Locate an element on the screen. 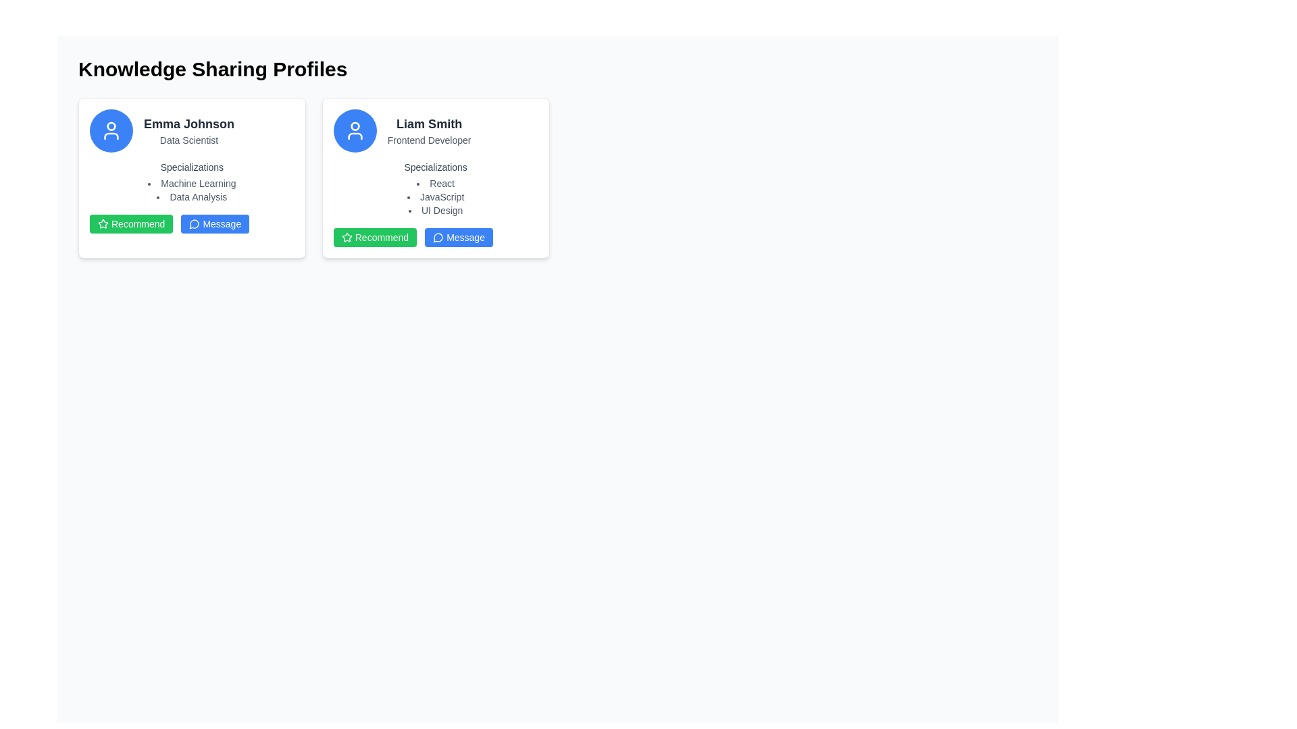 The image size is (1297, 729). the user profile icon for 'Liam Smith', which is represented within a blue circle in the upper section of his profile card under 'Knowledge Sharing Profiles' is located at coordinates (355, 130).